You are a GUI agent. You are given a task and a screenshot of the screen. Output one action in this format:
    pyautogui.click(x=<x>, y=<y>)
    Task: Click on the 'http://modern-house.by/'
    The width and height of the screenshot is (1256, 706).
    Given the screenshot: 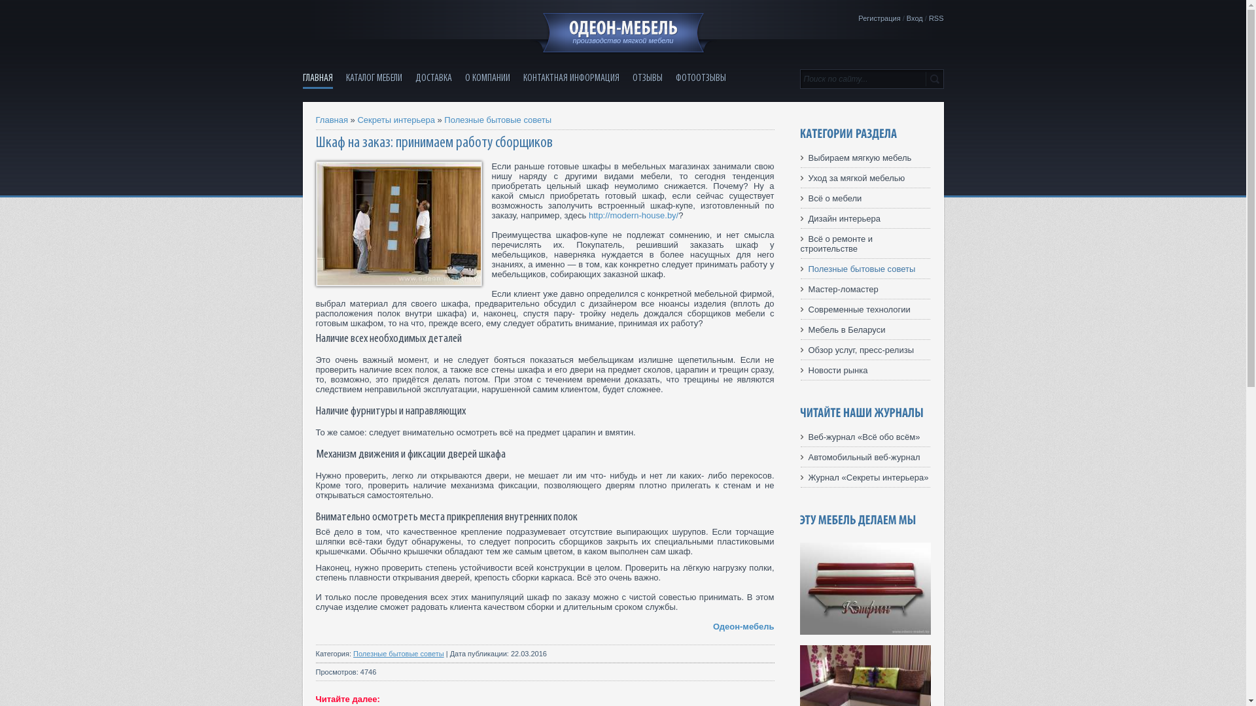 What is the action you would take?
    pyautogui.click(x=633, y=214)
    